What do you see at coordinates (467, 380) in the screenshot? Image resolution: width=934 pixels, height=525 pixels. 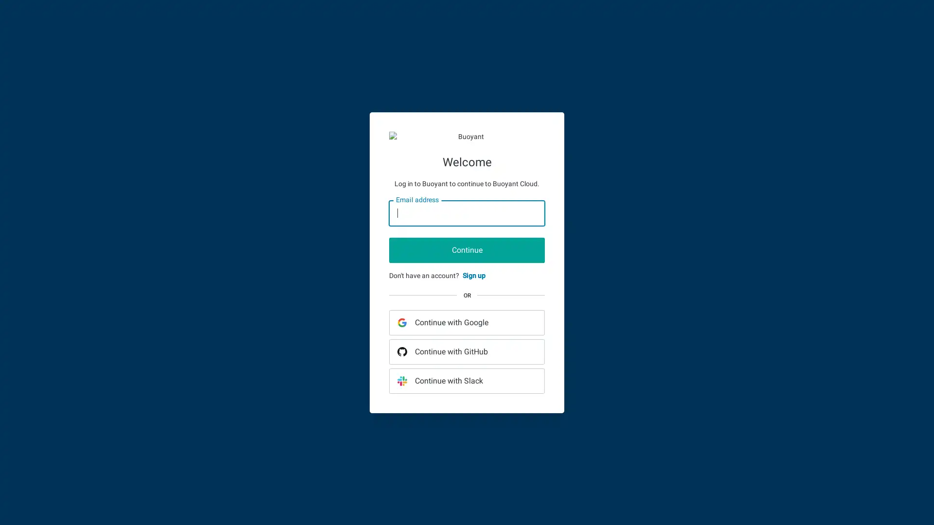 I see `Connection icon Continue with Slack` at bounding box center [467, 380].